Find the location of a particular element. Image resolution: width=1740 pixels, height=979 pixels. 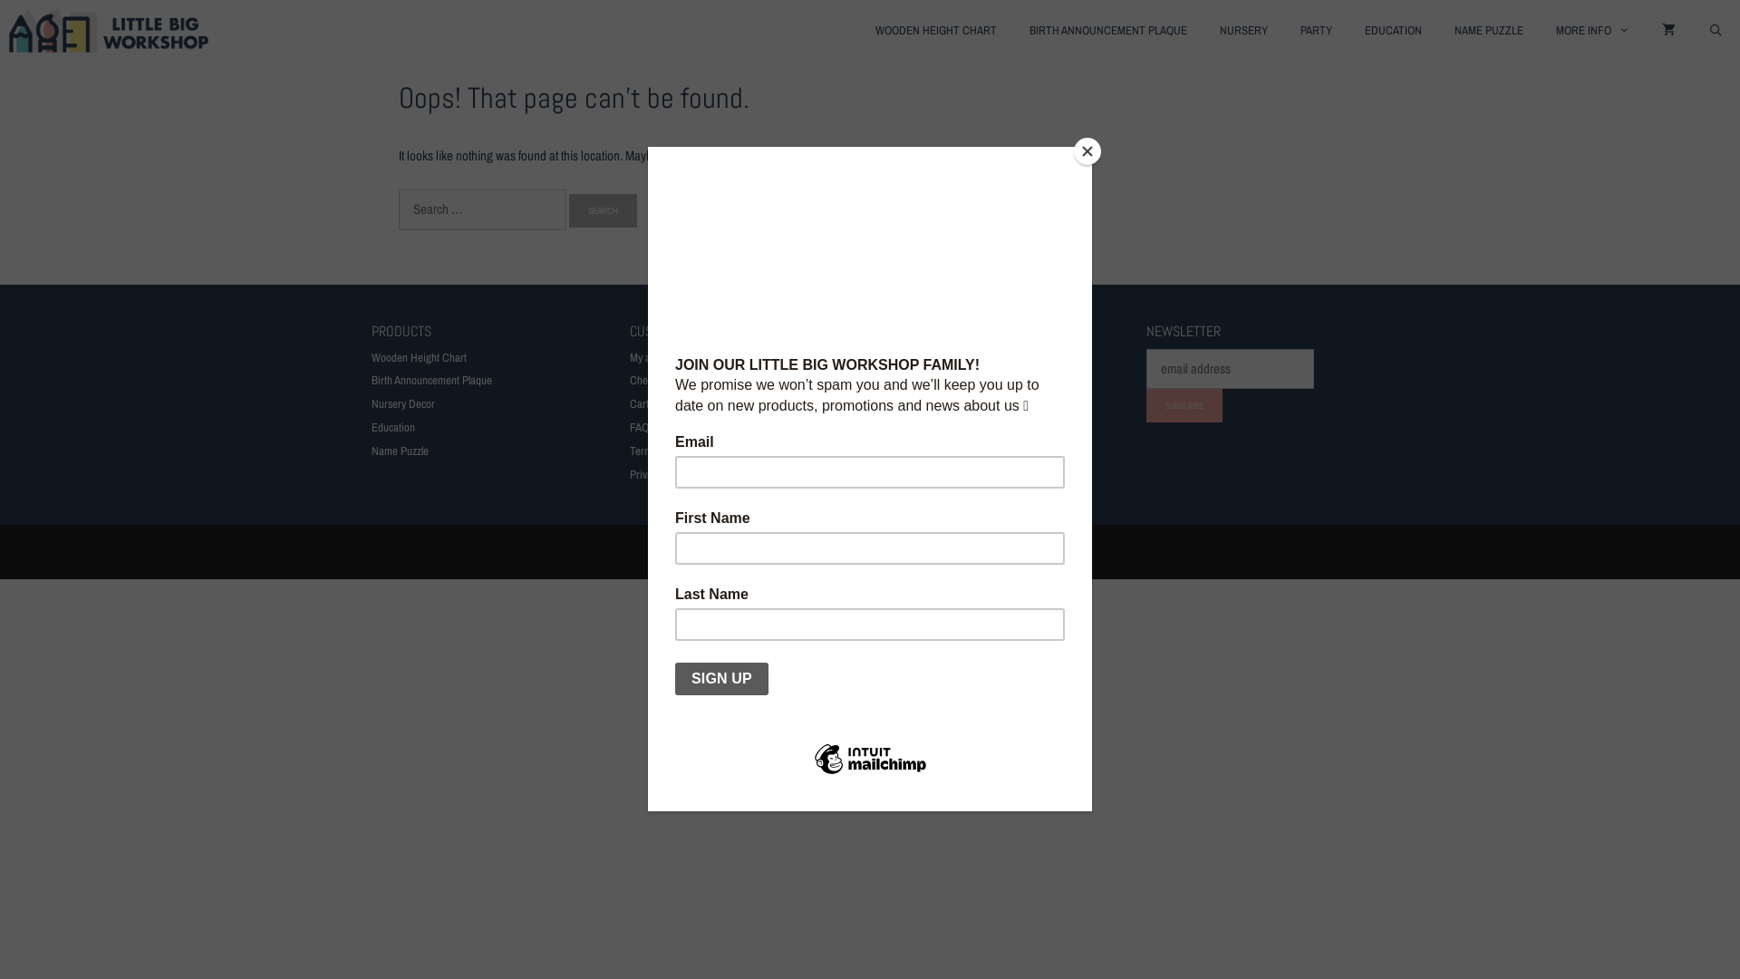

'FAQs (including shipping)' is located at coordinates (685, 427).